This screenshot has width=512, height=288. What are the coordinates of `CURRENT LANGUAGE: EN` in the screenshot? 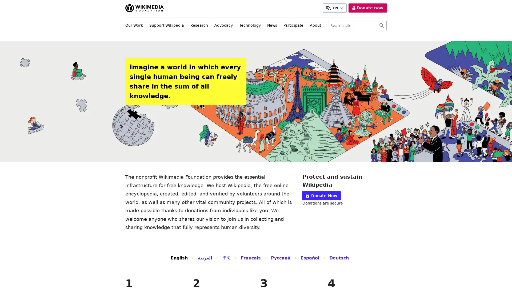 It's located at (335, 8).